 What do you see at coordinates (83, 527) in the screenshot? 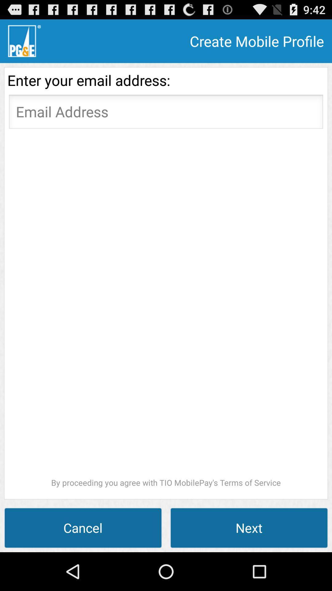
I see `icon next to the next icon` at bounding box center [83, 527].